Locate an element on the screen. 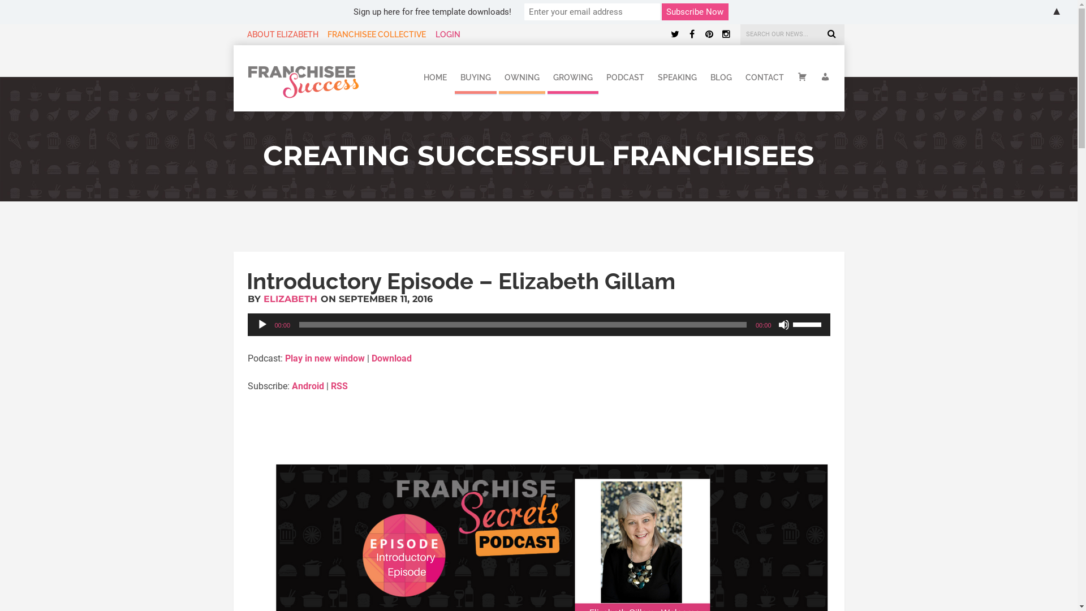 Image resolution: width=1086 pixels, height=611 pixels. 'CONTACT' is located at coordinates (765, 75).